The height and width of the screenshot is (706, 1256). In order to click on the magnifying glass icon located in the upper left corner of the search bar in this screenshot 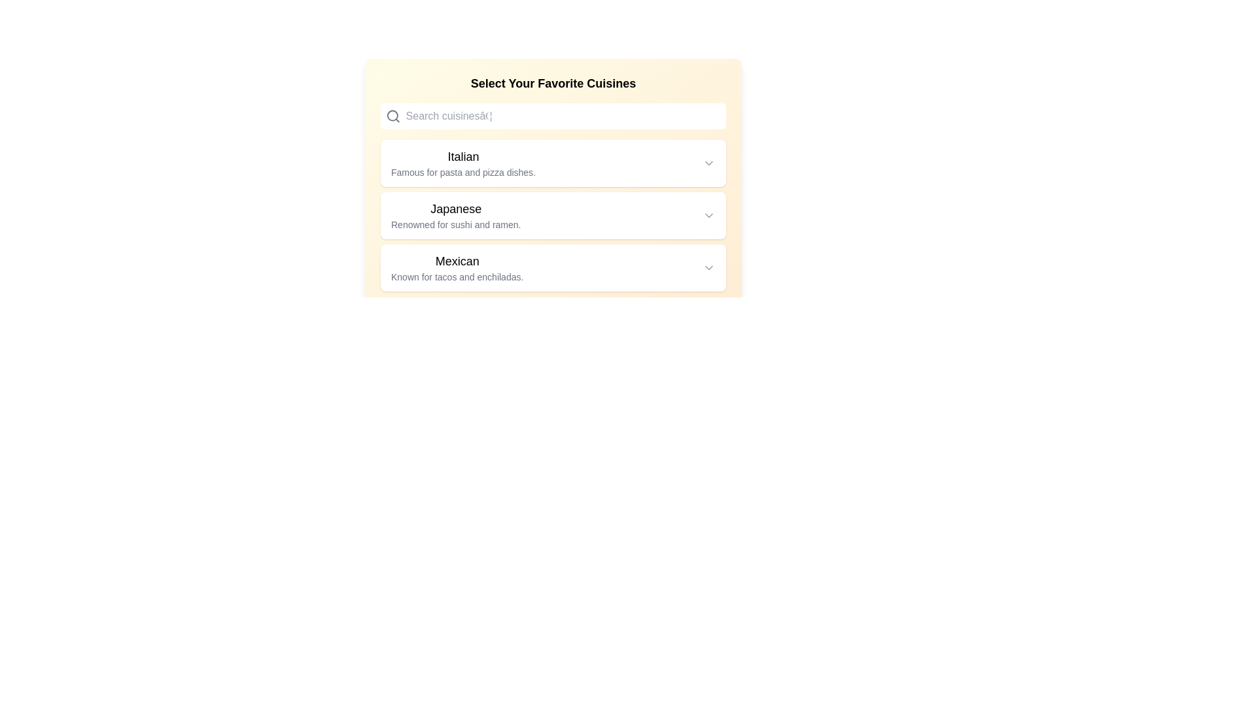, I will do `click(392, 115)`.